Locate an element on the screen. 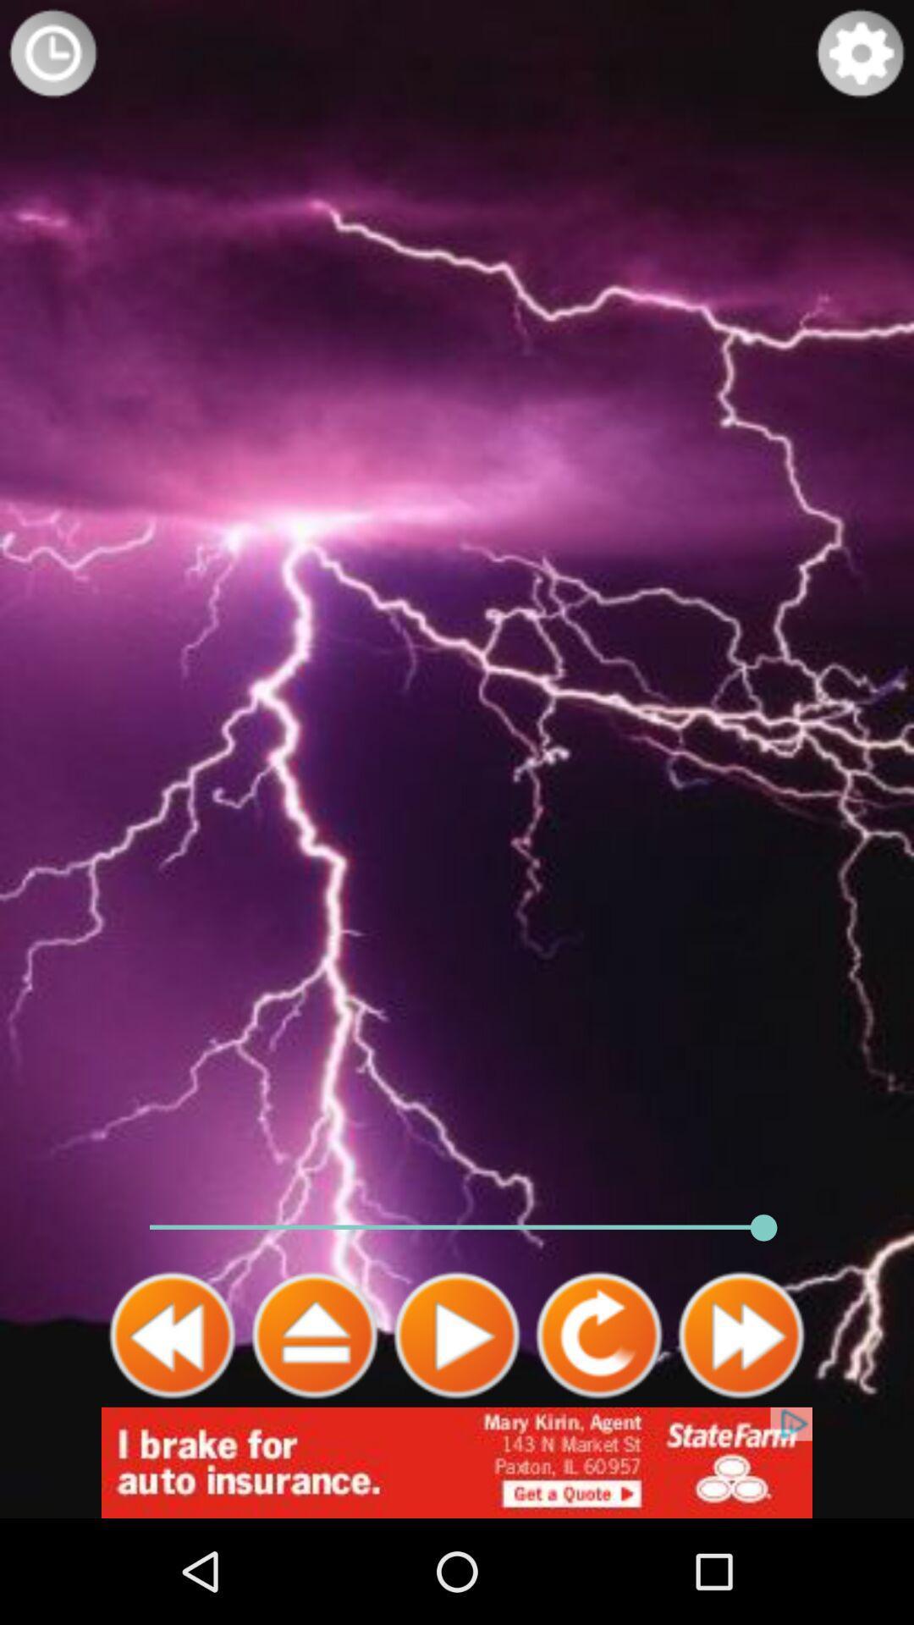 The width and height of the screenshot is (914, 1625). settings is located at coordinates (861, 52).